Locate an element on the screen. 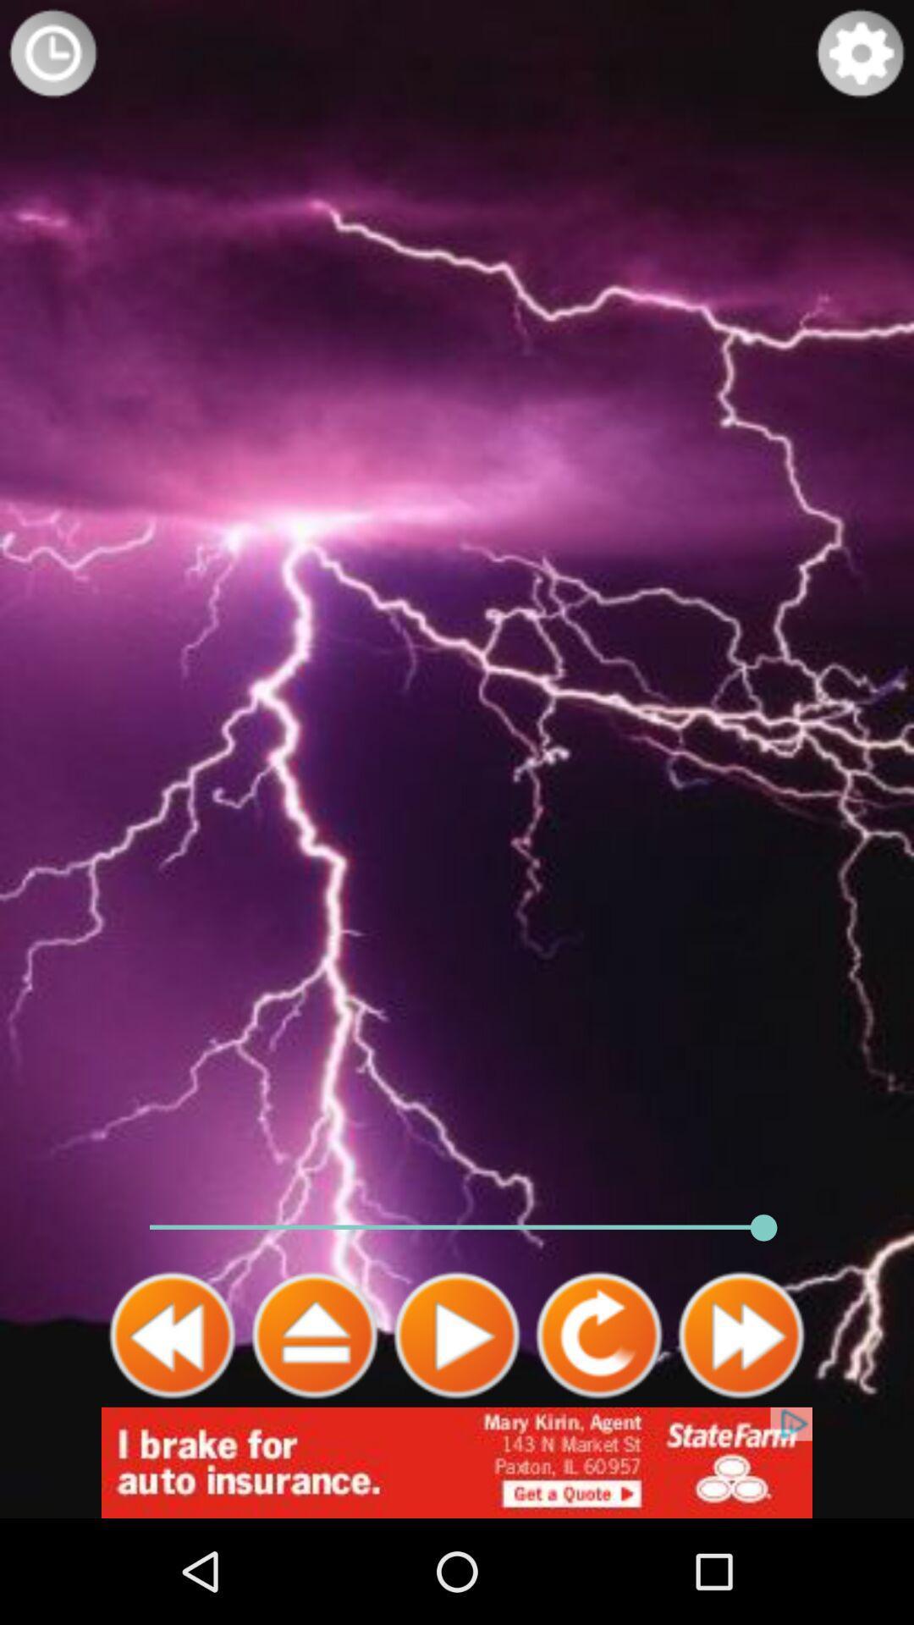 The width and height of the screenshot is (914, 1625). settings is located at coordinates (861, 52).